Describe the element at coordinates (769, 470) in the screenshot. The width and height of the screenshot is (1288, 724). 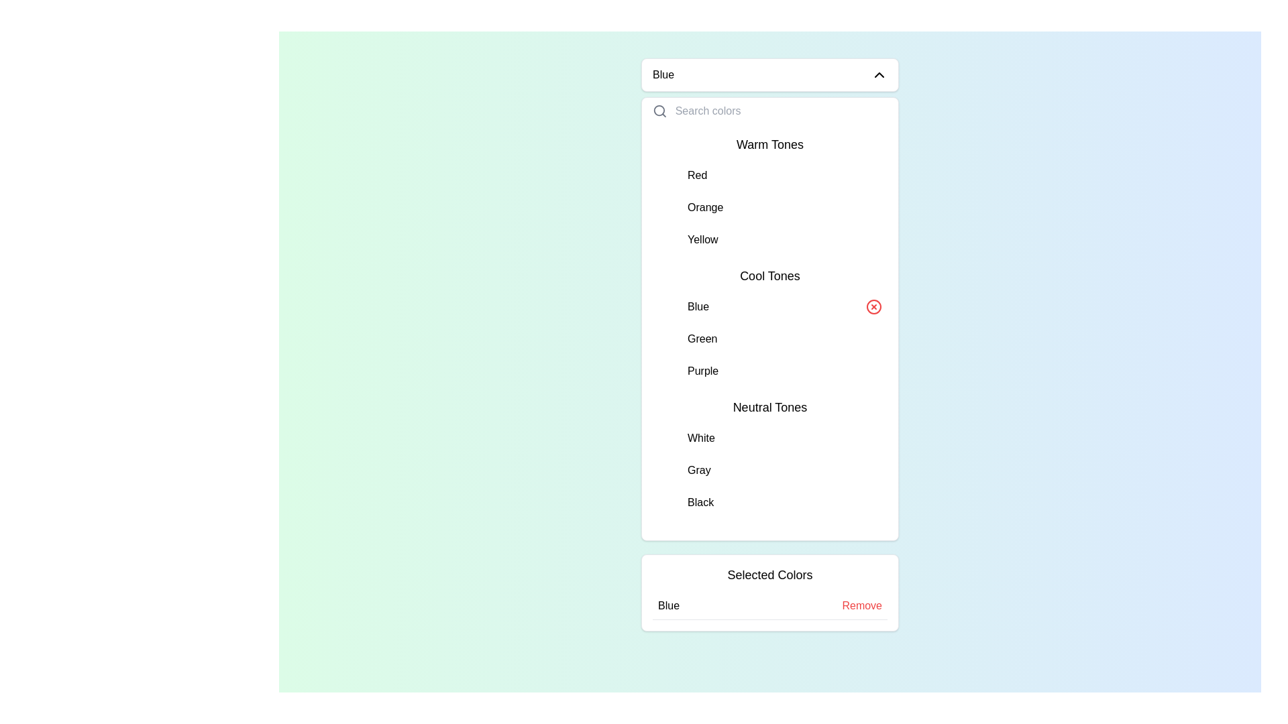
I see `the second list item labeled 'Gray' in the 'Neutral Tones' list` at that location.